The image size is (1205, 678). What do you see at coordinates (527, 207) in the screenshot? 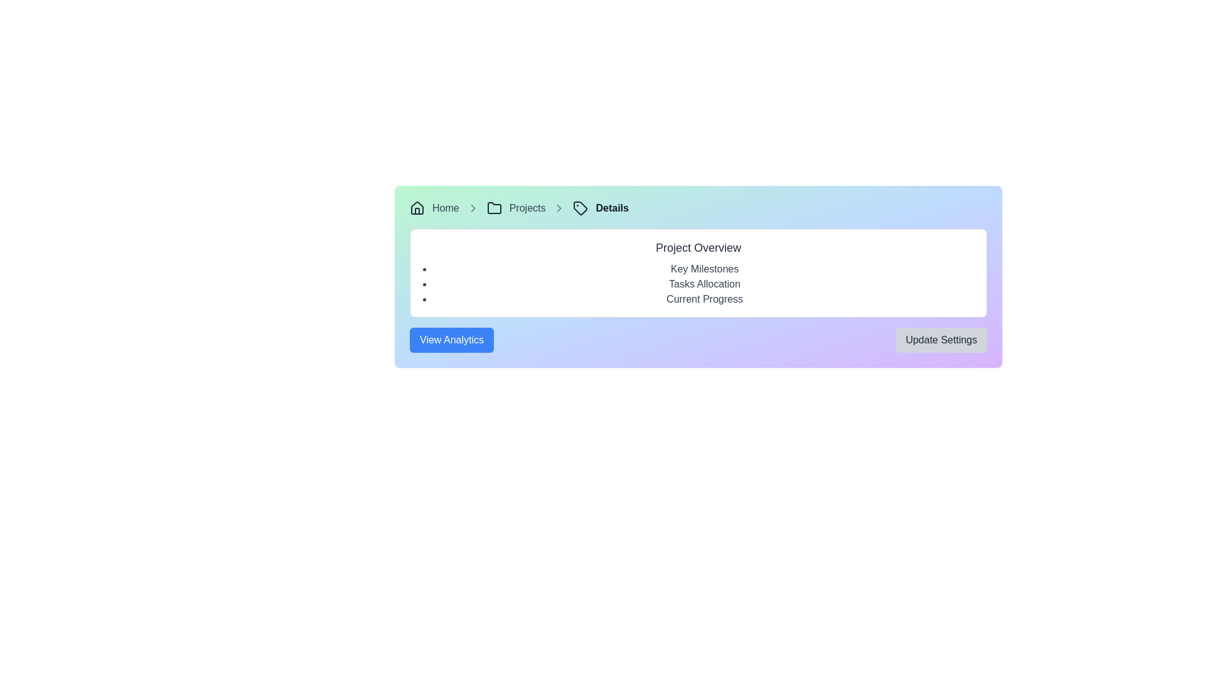
I see `the third clickable text item in the breadcrumb navigation bar` at bounding box center [527, 207].